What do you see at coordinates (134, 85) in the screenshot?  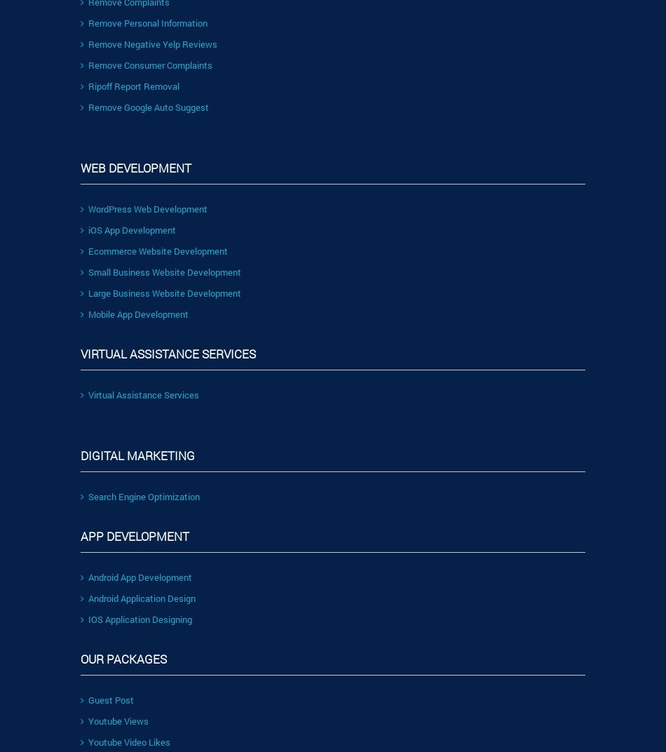 I see `'Ripoff Report Removal'` at bounding box center [134, 85].